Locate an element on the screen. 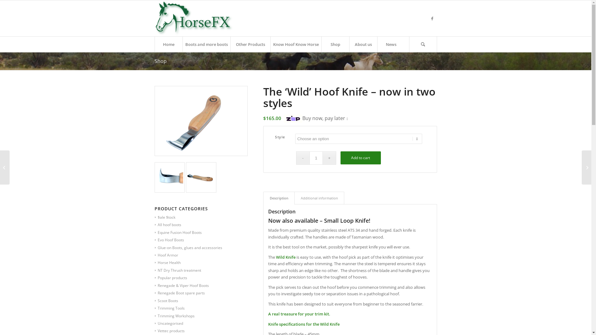  'Description' is located at coordinates (278, 198).